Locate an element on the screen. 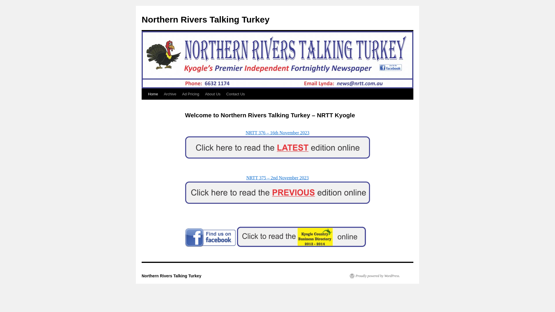  'Ad Pricing' is located at coordinates (179, 94).